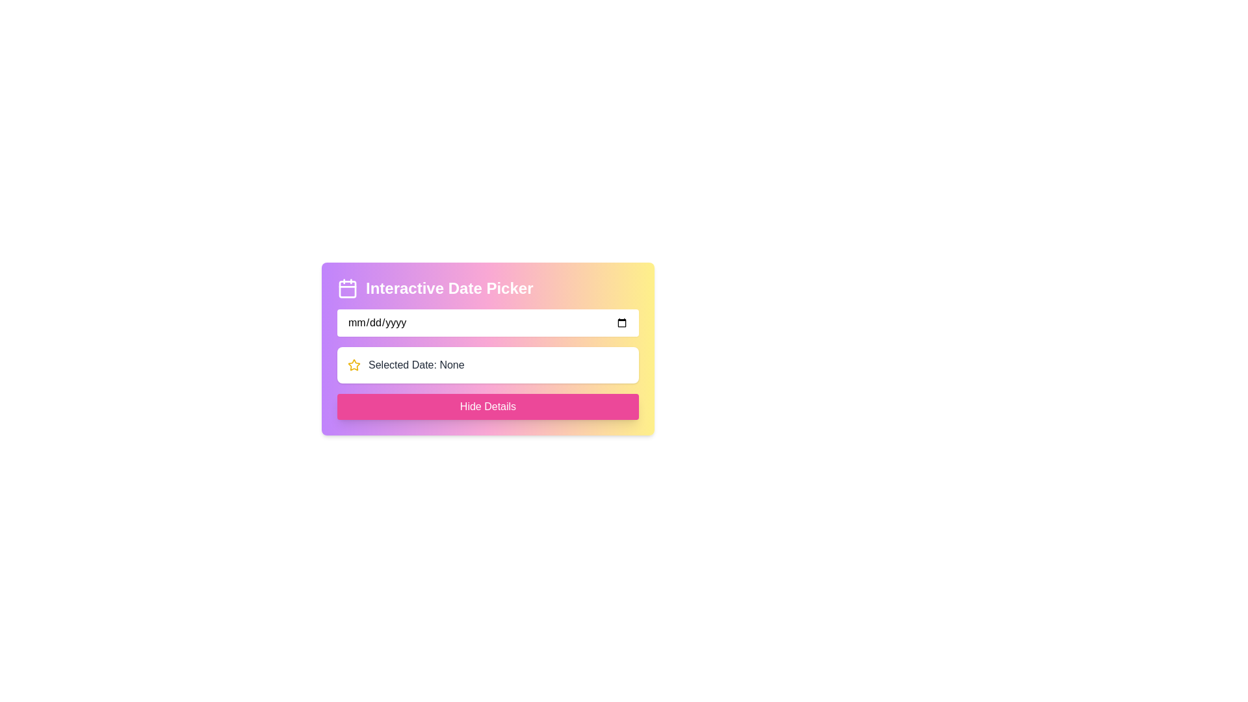  I want to click on the star icon with a hollow center and golden-yellow outline, which is located to the left of the text 'Selected Date: None', so click(354, 365).